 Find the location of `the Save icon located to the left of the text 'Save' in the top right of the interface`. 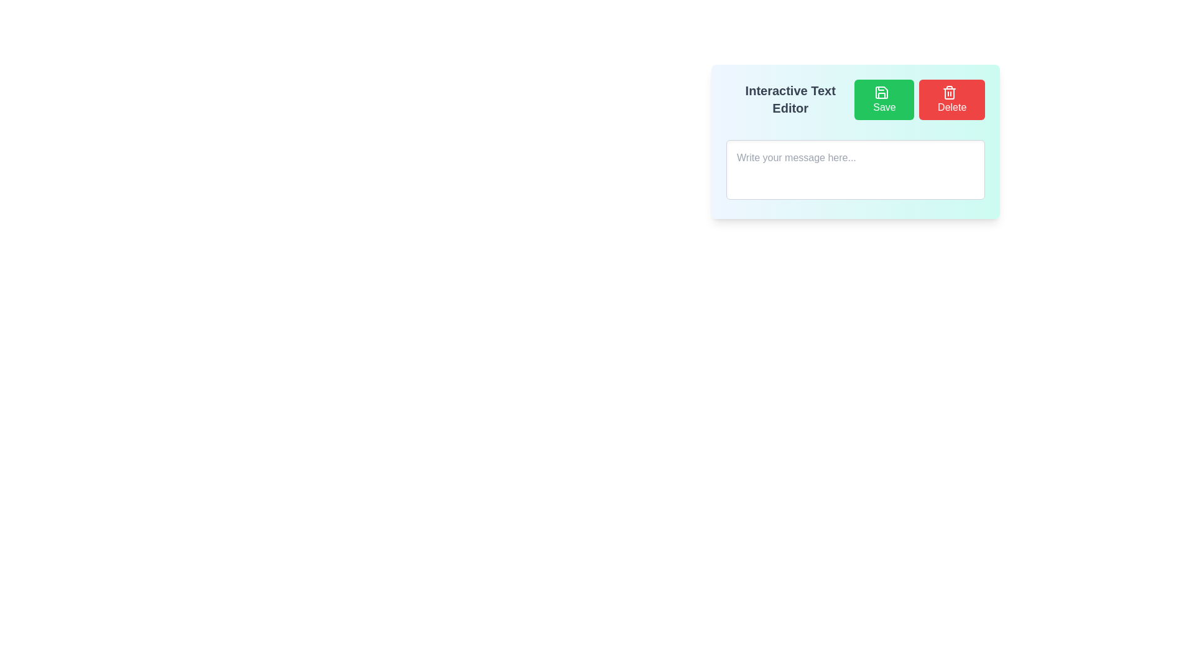

the Save icon located to the left of the text 'Save' in the top right of the interface is located at coordinates (881, 91).